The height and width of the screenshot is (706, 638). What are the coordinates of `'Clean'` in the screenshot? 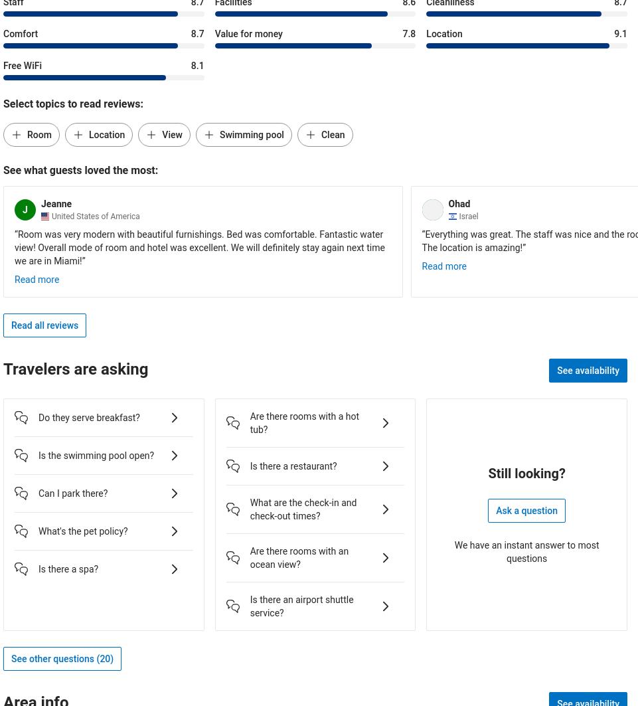 It's located at (320, 133).